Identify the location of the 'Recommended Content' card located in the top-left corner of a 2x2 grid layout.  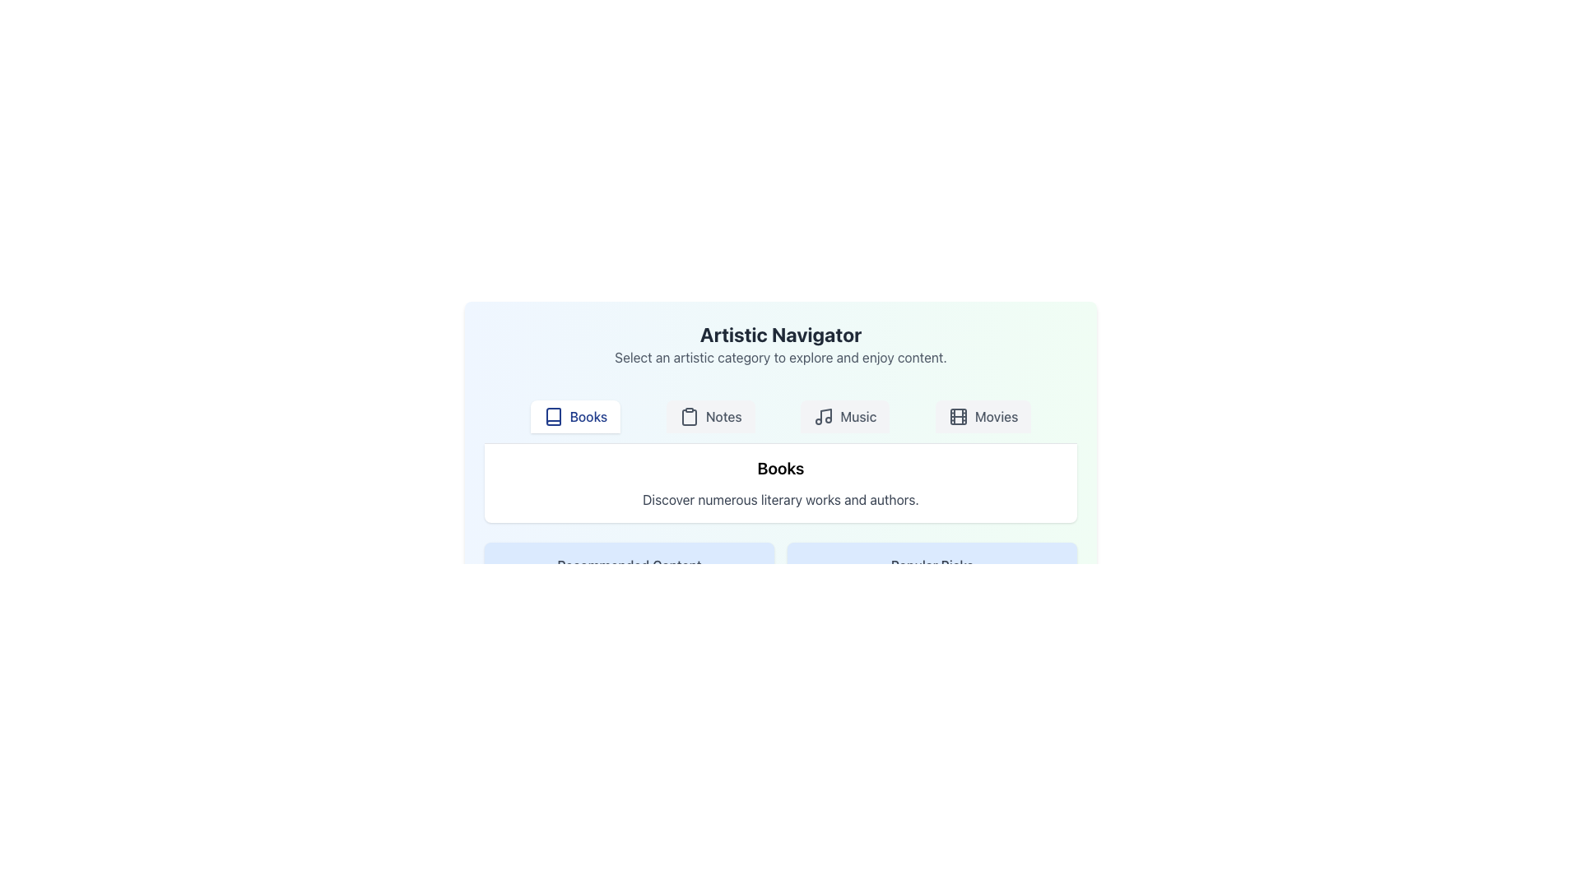
(628, 573).